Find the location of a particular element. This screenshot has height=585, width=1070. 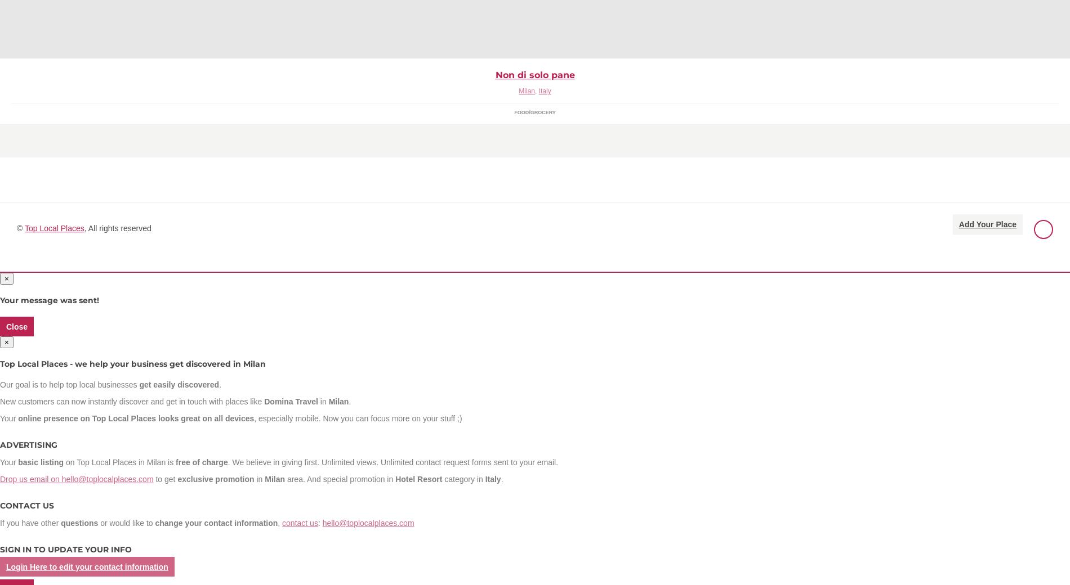

', All rights reserved' is located at coordinates (117, 228).